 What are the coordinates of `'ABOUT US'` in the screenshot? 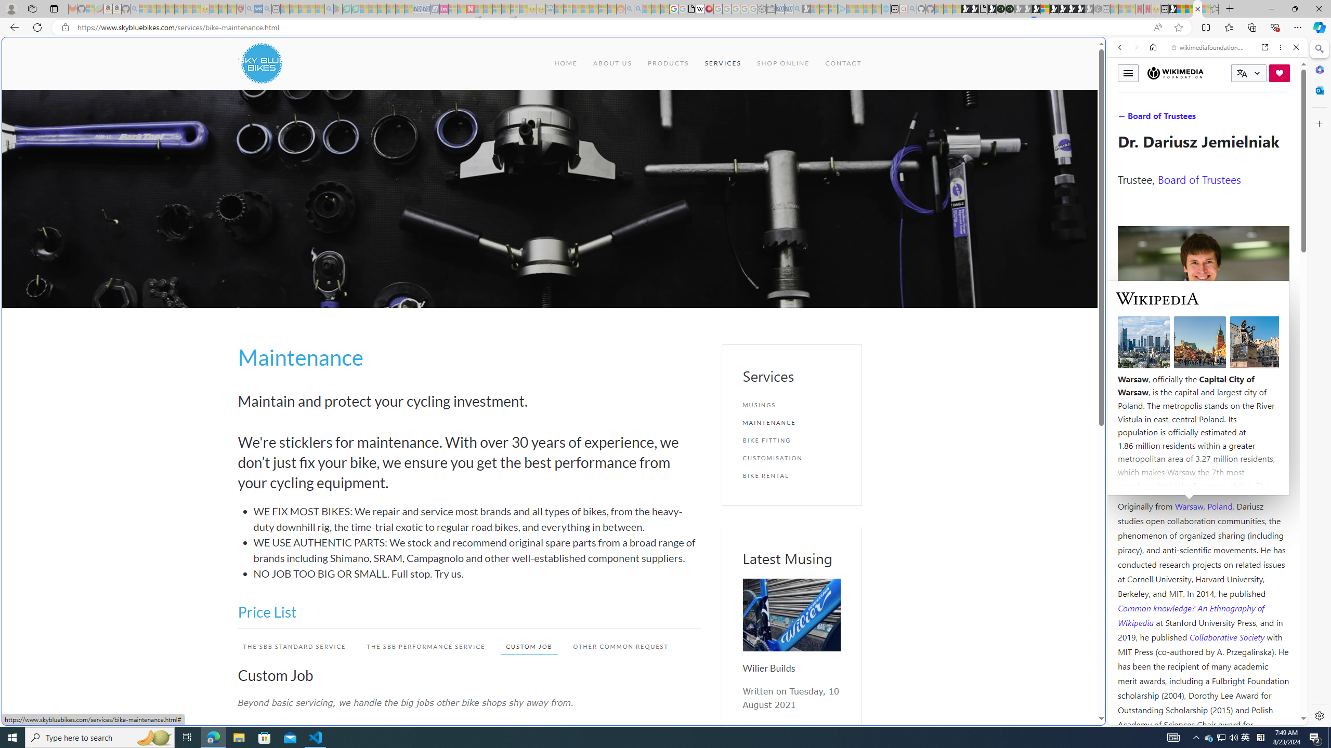 It's located at (612, 62).